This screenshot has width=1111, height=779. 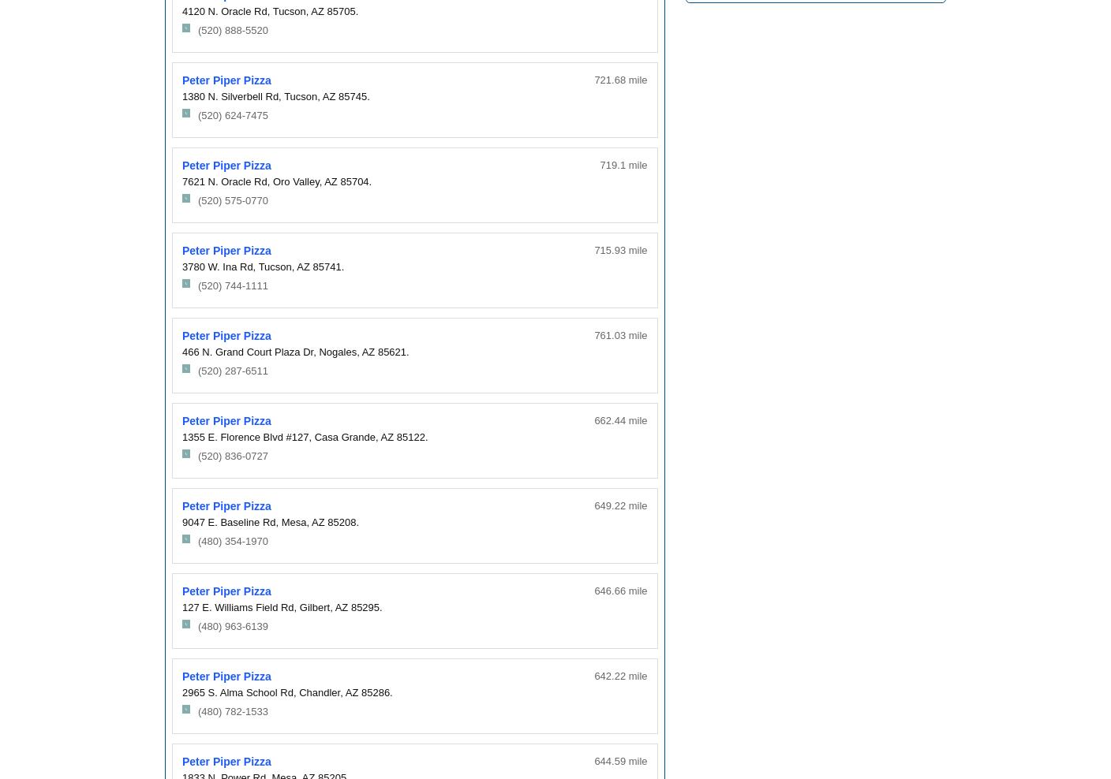 What do you see at coordinates (338, 351) in the screenshot?
I see `'Nogales,'` at bounding box center [338, 351].